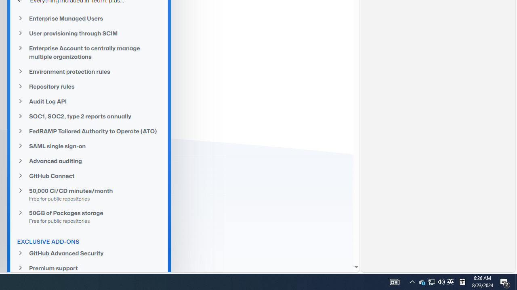  Describe the element at coordinates (89, 86) in the screenshot. I see `'Repository rules'` at that location.